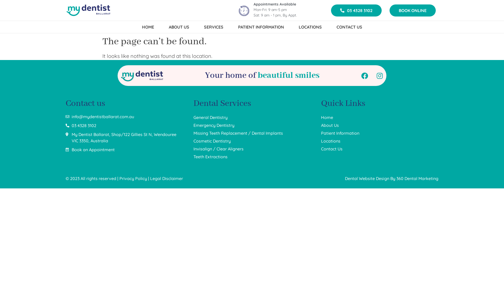 Image resolution: width=504 pixels, height=283 pixels. What do you see at coordinates (213, 27) in the screenshot?
I see `'SERVICES'` at bounding box center [213, 27].